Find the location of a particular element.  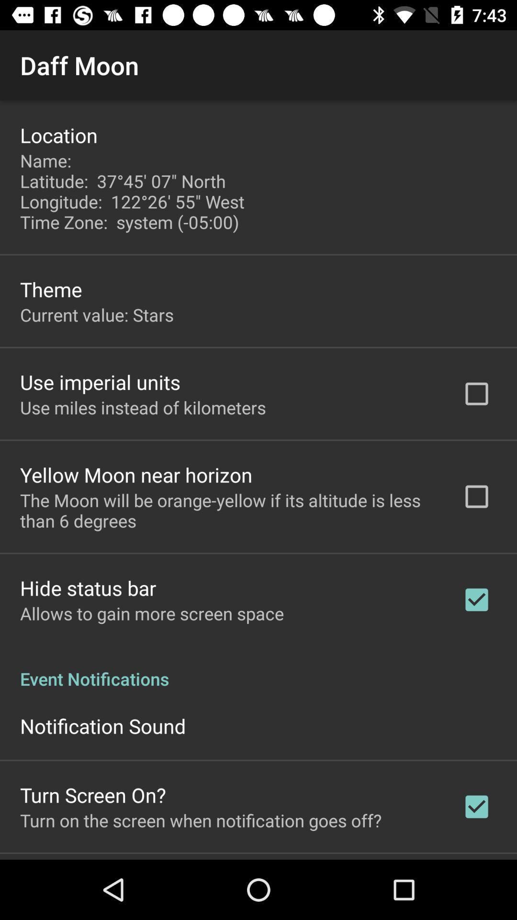

item above the theme item is located at coordinates (135, 191).